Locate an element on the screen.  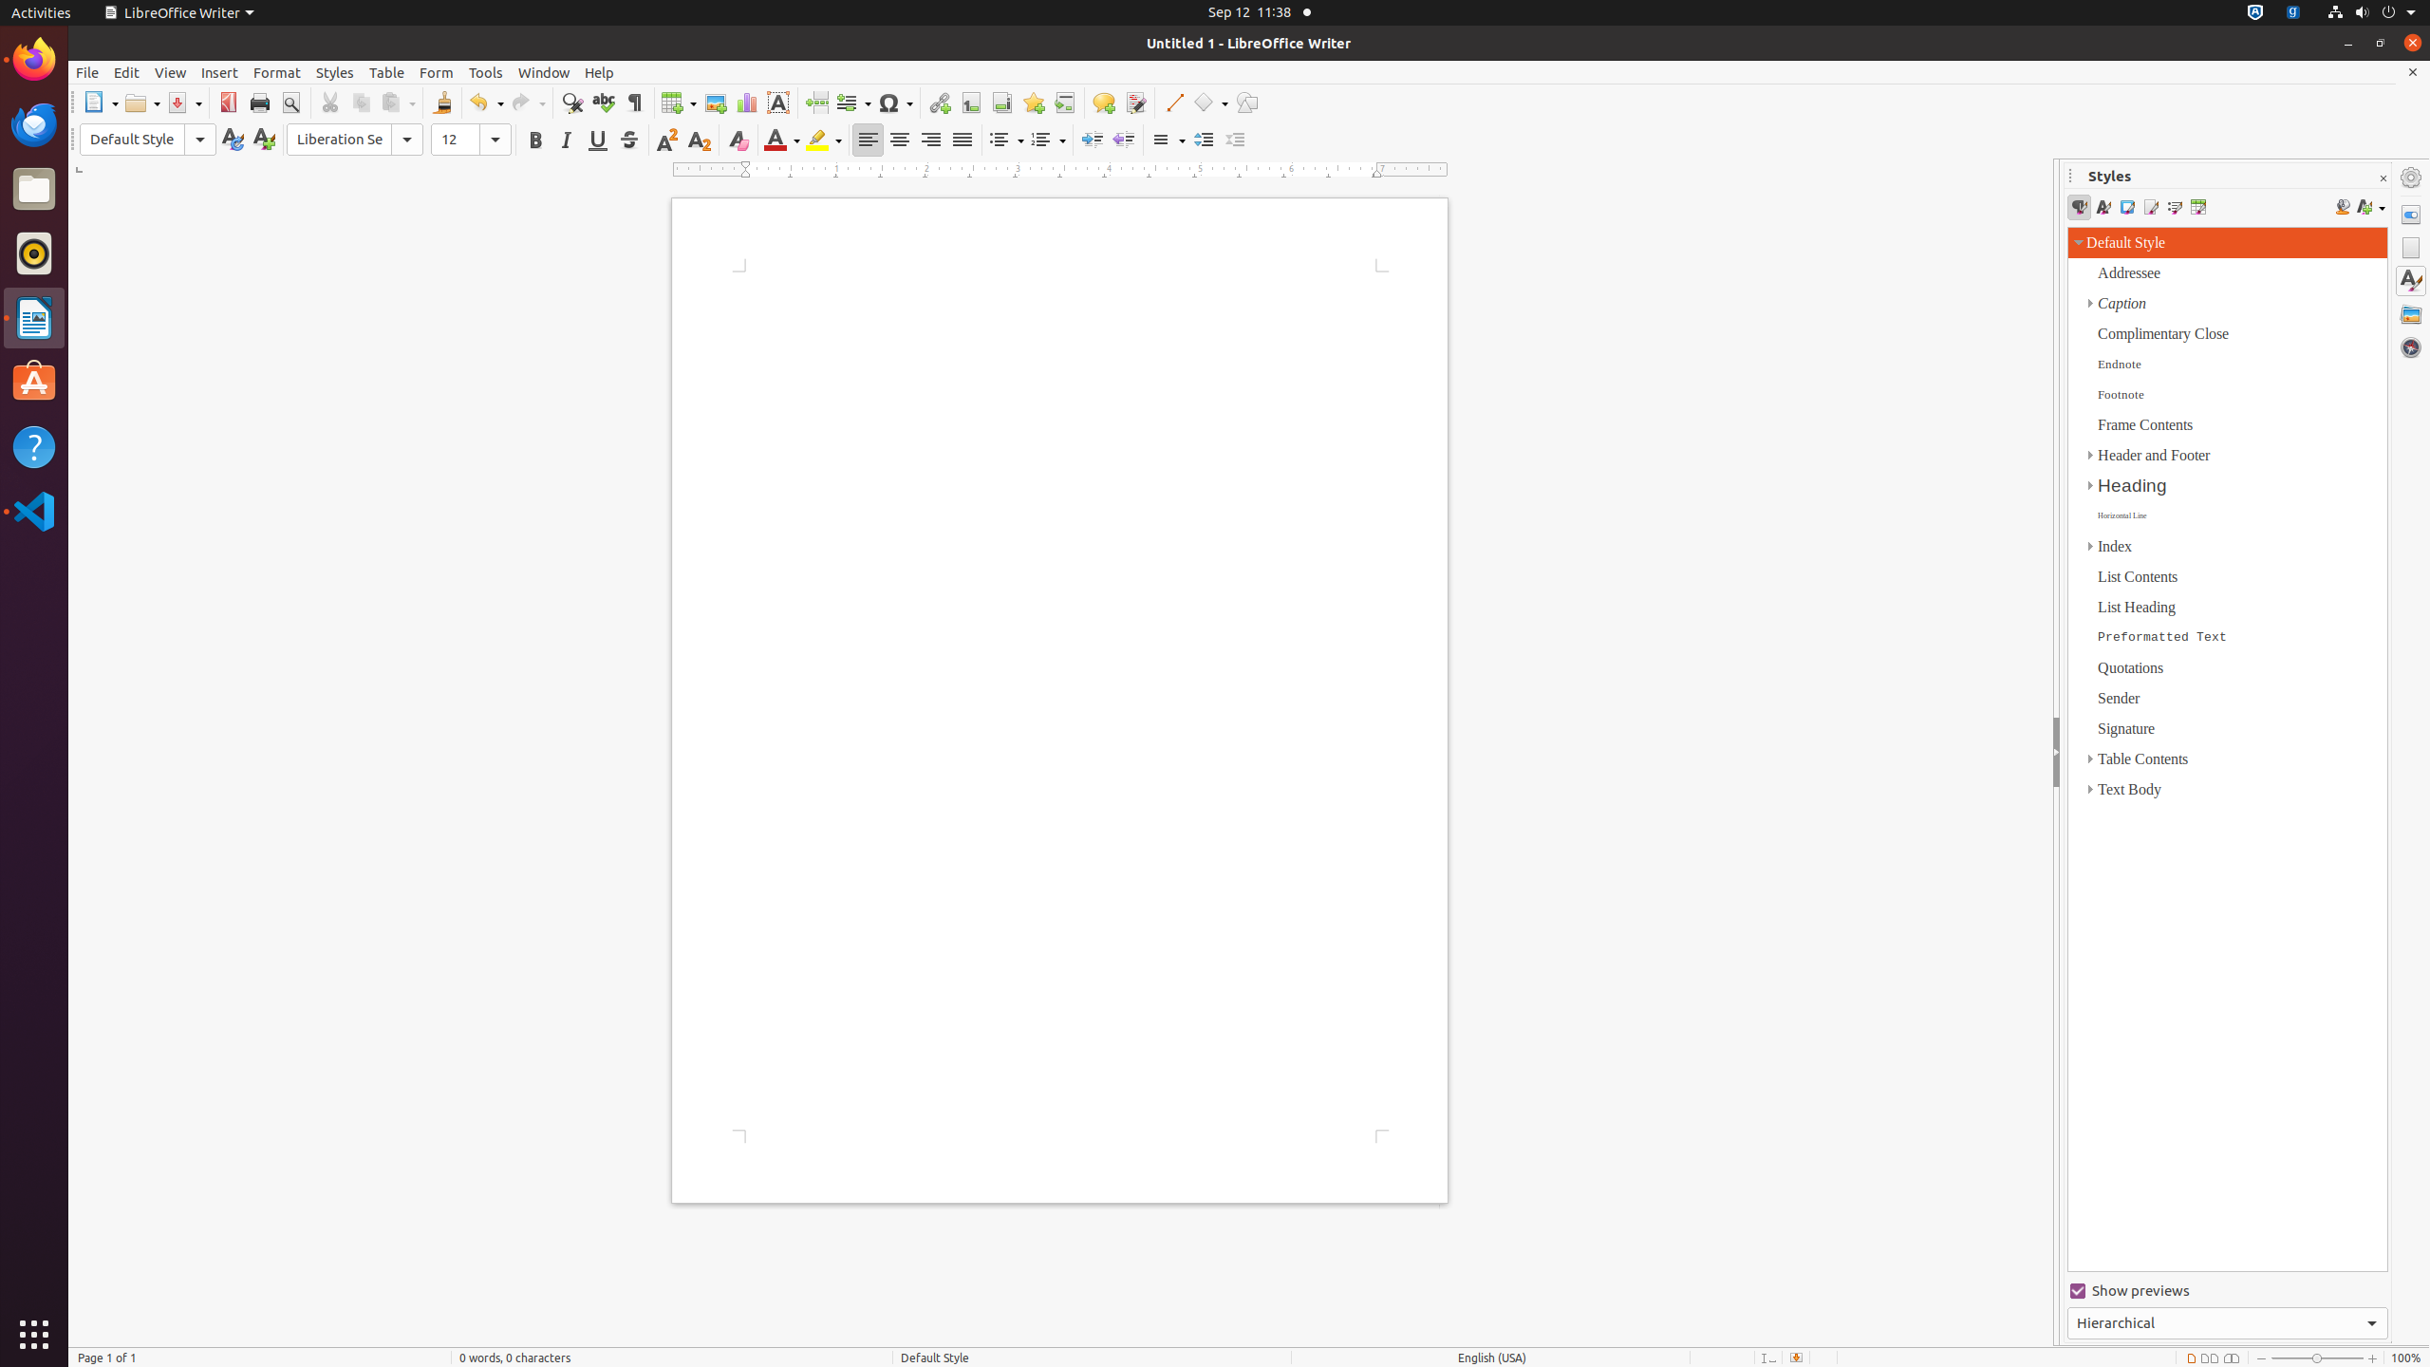
'Cross-reference' is located at coordinates (1064, 102).